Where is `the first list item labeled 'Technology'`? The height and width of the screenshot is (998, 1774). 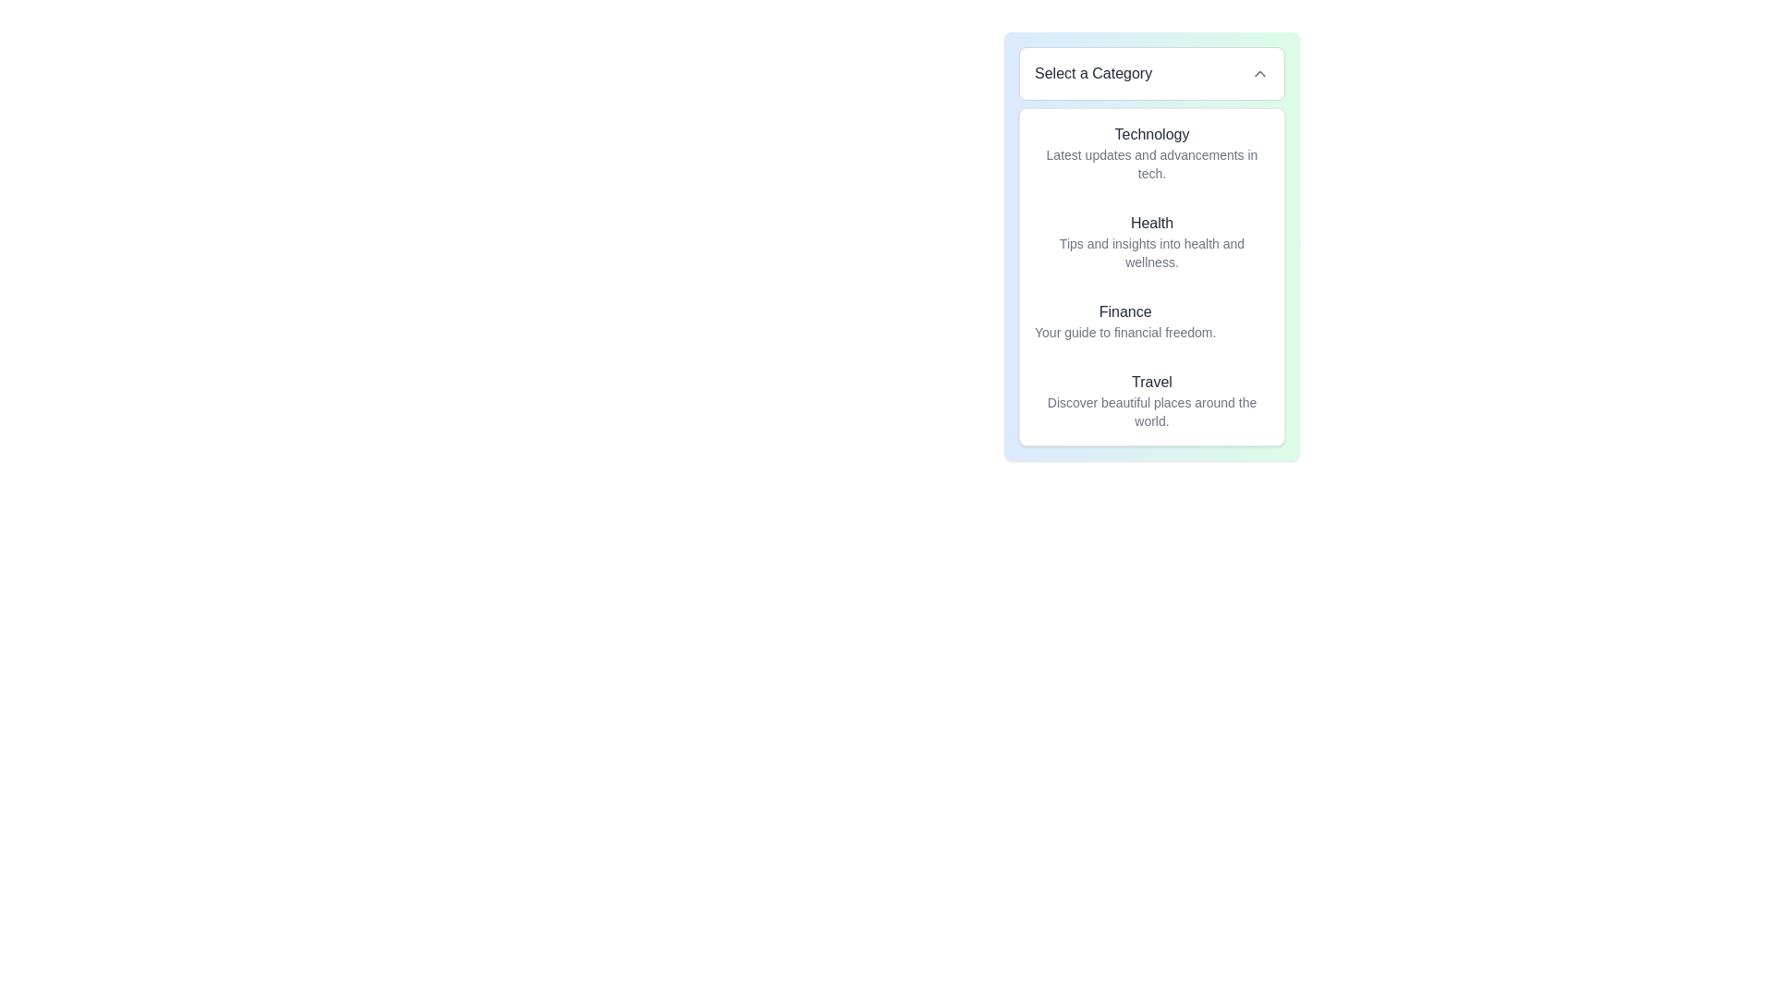
the first list item labeled 'Technology' is located at coordinates (1151, 152).